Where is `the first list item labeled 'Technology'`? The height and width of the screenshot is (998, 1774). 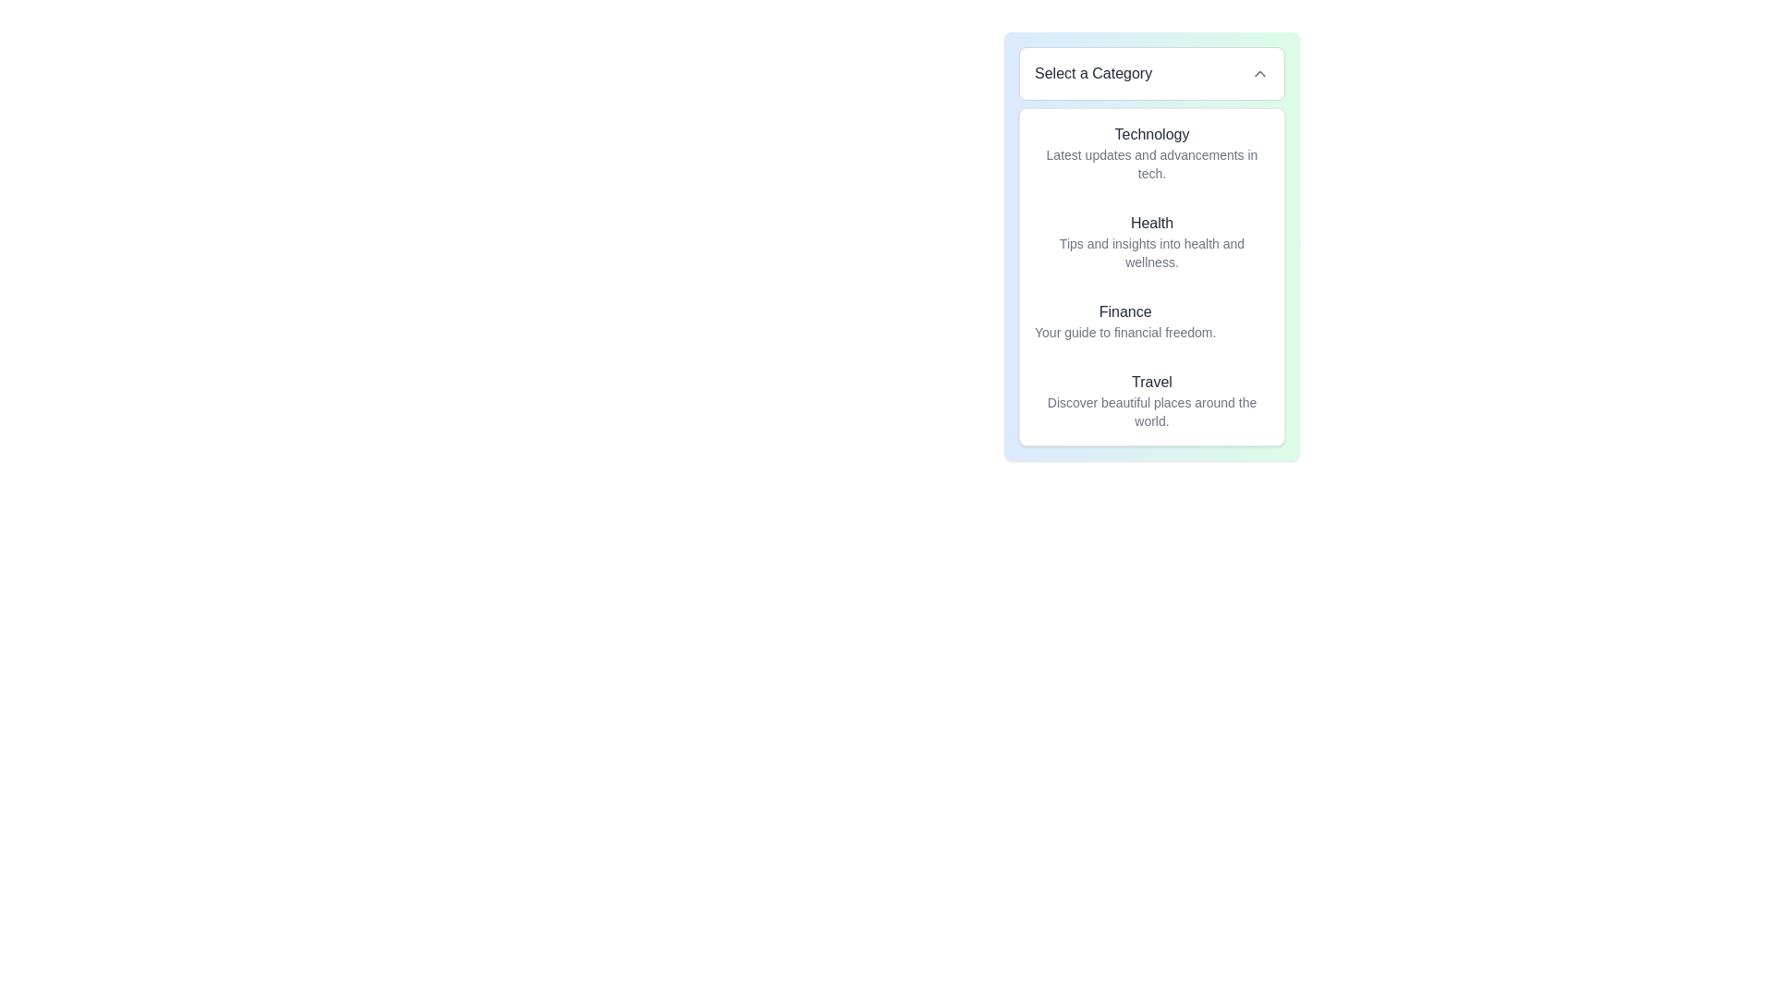
the first list item labeled 'Technology' is located at coordinates (1151, 152).